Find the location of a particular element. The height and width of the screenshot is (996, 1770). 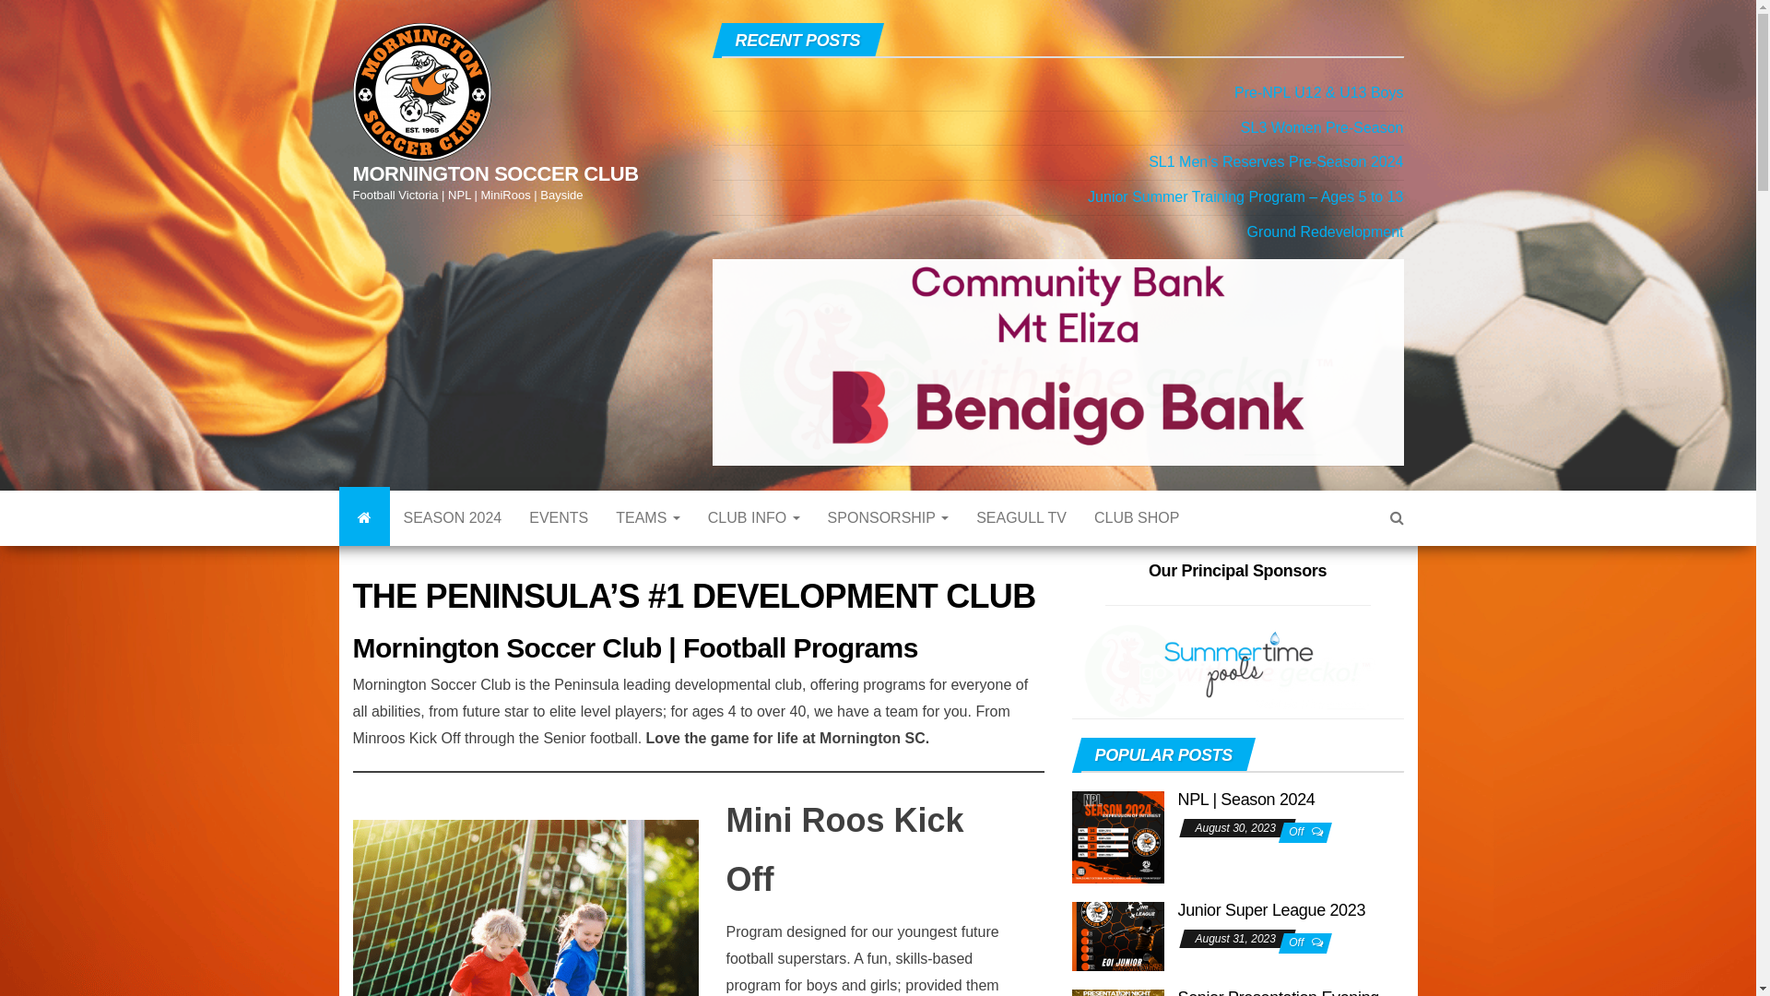

'CLUB INFO' is located at coordinates (693, 543).